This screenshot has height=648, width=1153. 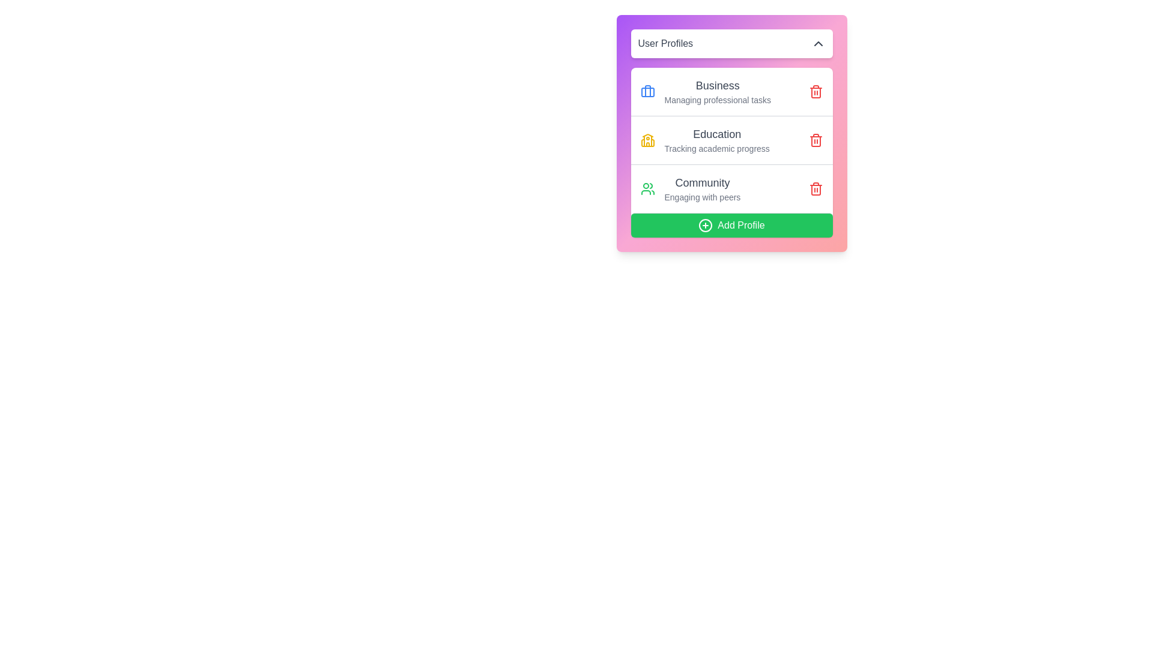 What do you see at coordinates (817, 43) in the screenshot?
I see `the interactive toggle icon located at the far-right side of the 'User Profiles' header` at bounding box center [817, 43].